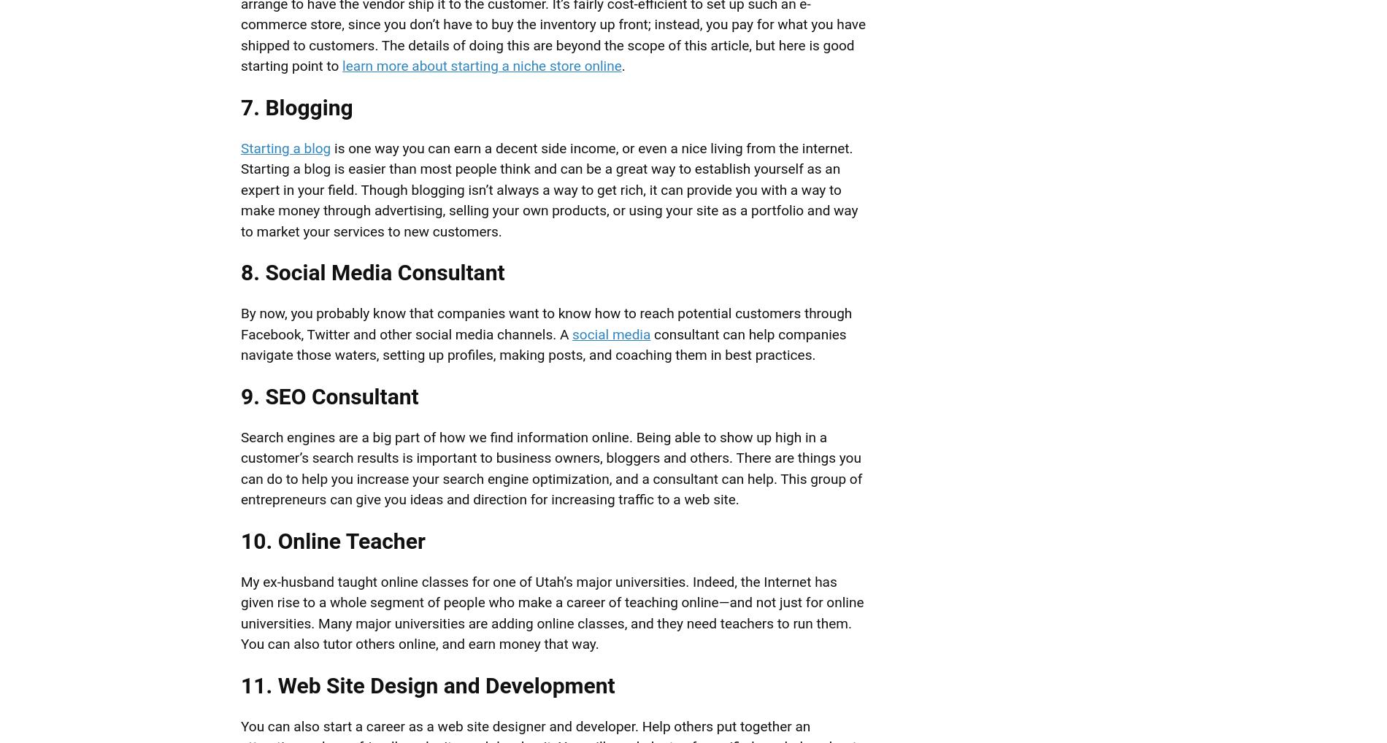 The width and height of the screenshot is (1387, 743). Describe the element at coordinates (372, 272) in the screenshot. I see `'8. Social Media Consultant'` at that location.